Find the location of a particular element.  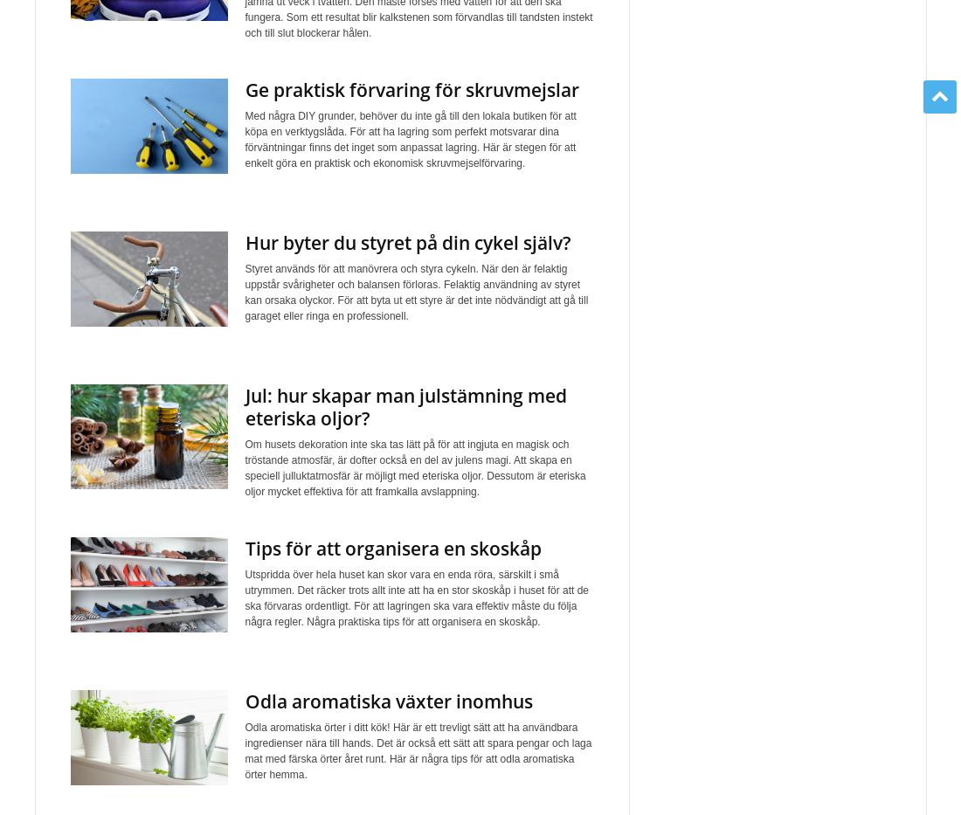

'Styret används för att manövrera och styra cykeln. När den är felaktig uppstår svårigheter och balansen förloras. Felaktig användning av styret kan orsaka olyckor. För att byta ut ett styre är det inte nödvändigt att gå till garaget eller ringa en professionell.' is located at coordinates (415, 292).